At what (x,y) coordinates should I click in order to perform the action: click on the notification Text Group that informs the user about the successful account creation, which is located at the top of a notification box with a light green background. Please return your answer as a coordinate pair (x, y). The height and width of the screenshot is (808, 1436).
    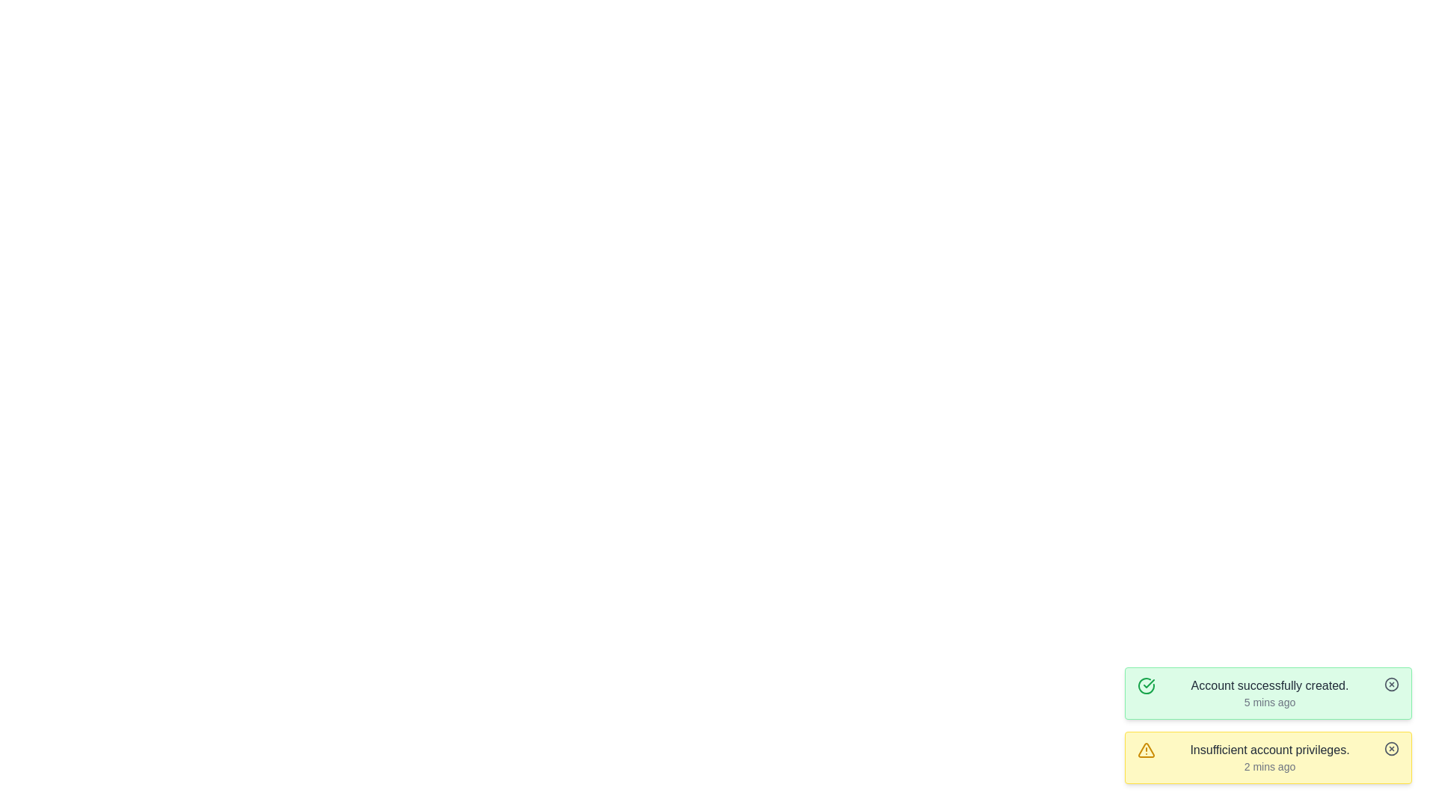
    Looking at the image, I should click on (1269, 693).